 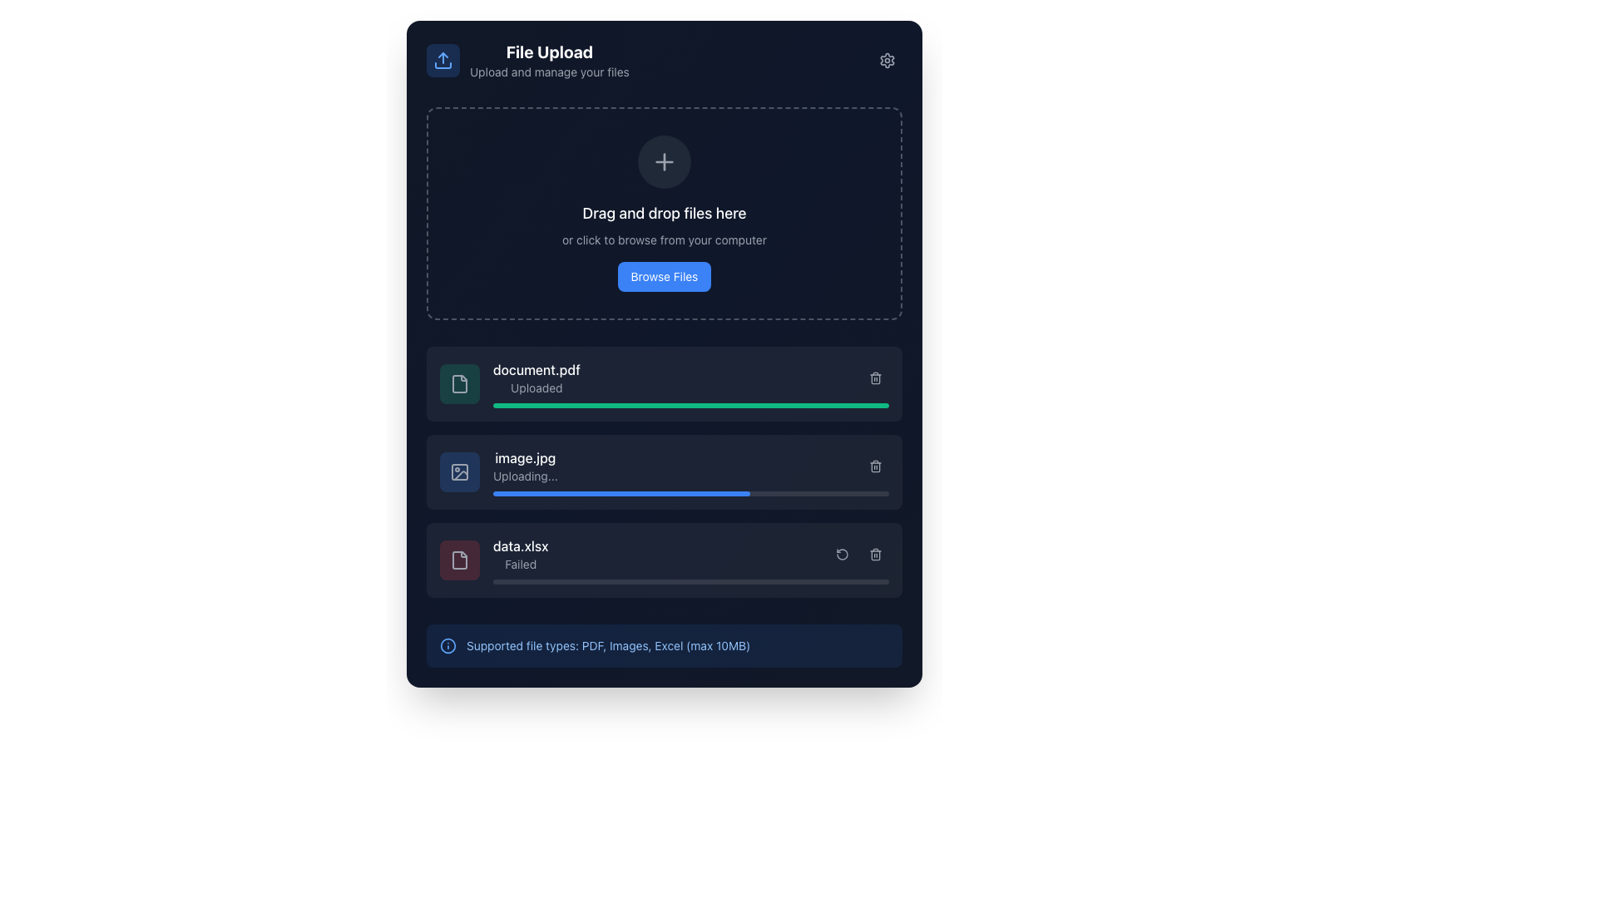 I want to click on the progress bar that visually represents the upload progress of 'document.pdf', located directly below the filename and above the next listed item in the file upload interface, so click(x=690, y=406).